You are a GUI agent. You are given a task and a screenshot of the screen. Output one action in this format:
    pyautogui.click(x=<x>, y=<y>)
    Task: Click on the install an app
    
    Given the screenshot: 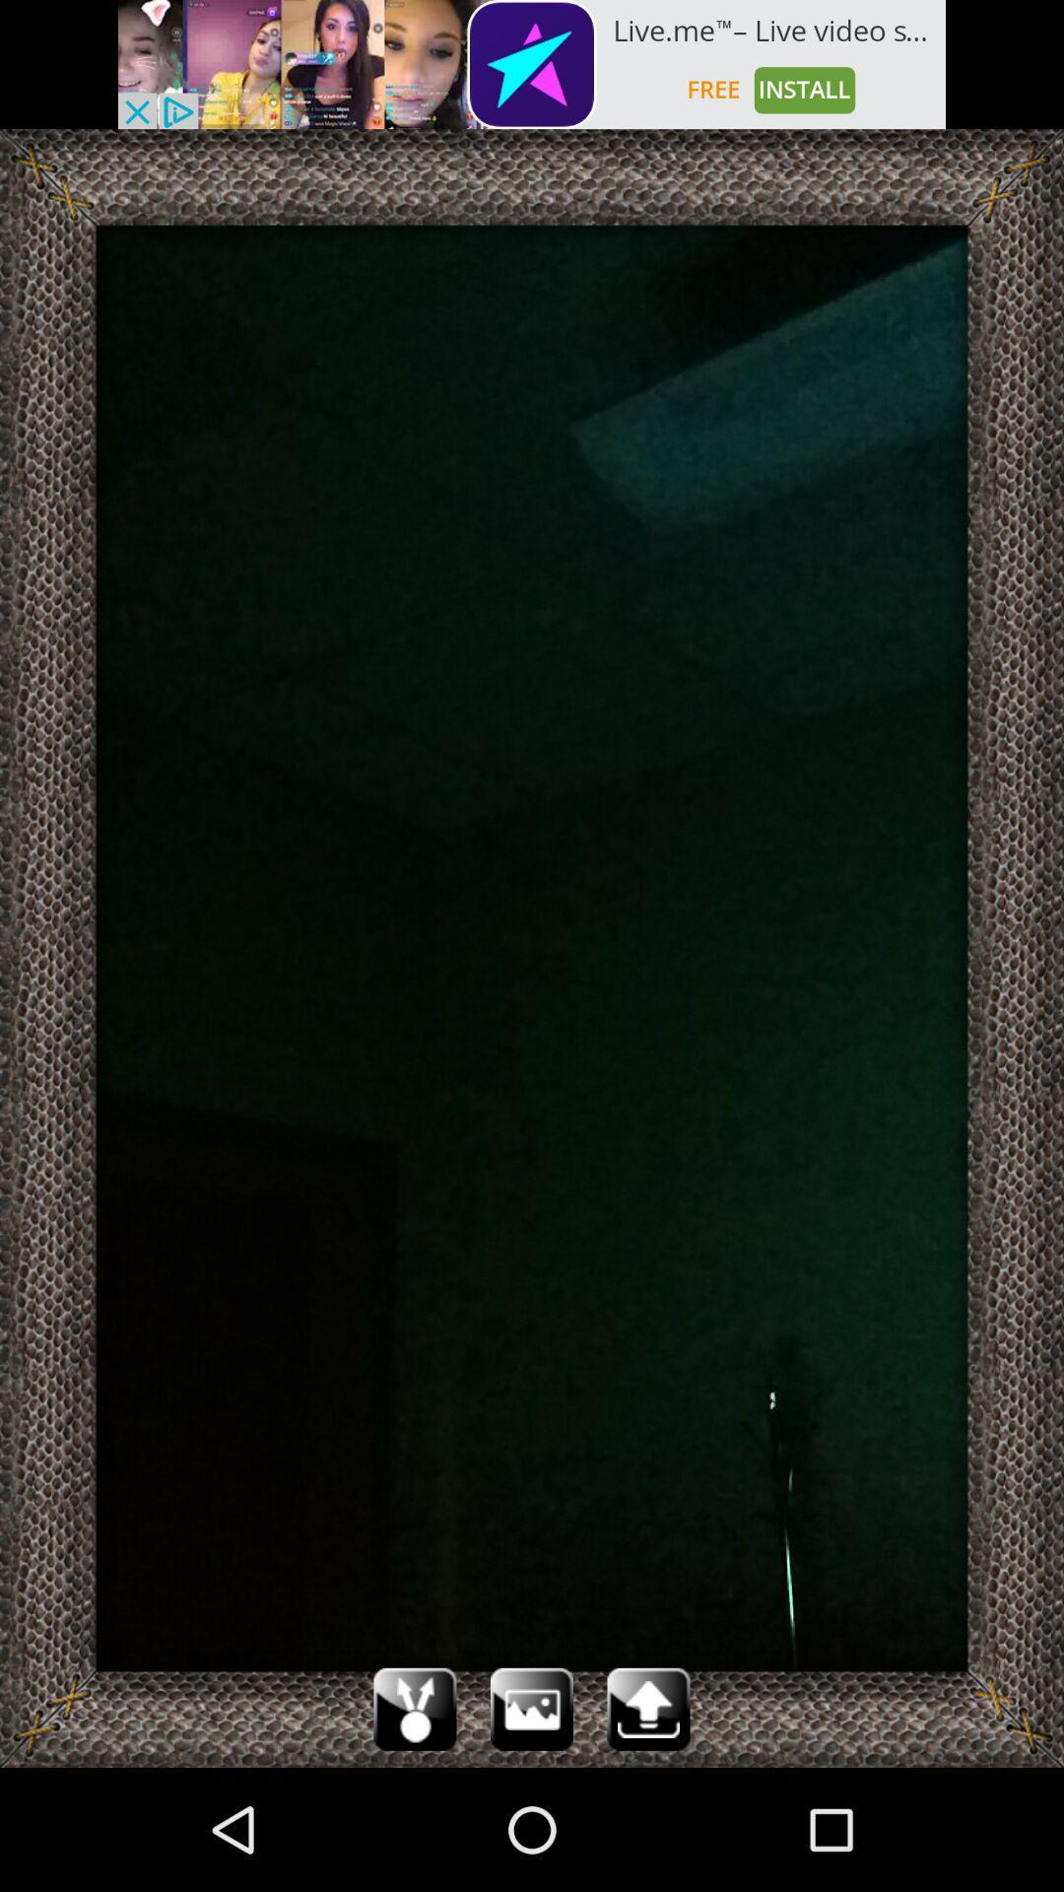 What is the action you would take?
    pyautogui.click(x=532, y=64)
    